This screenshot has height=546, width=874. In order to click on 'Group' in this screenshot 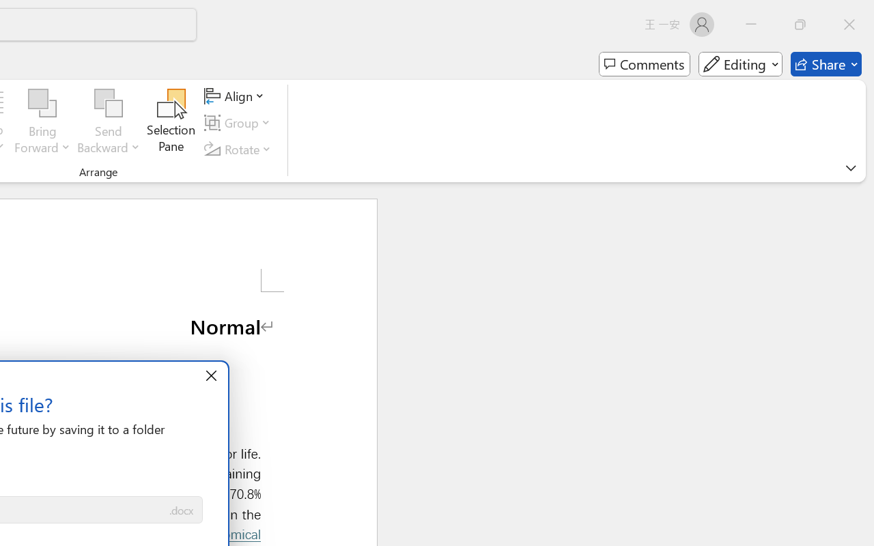, I will do `click(240, 122)`.